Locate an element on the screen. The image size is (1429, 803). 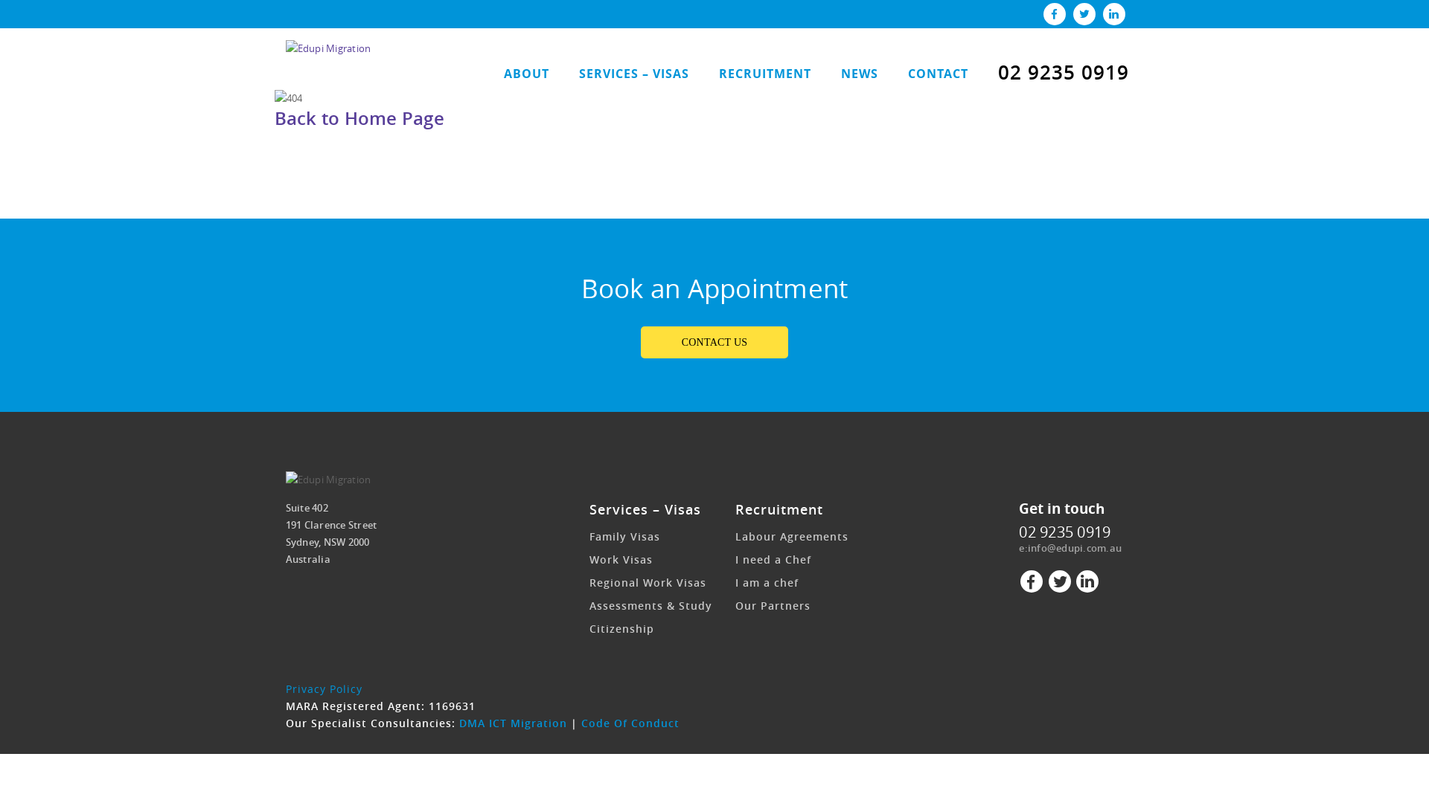
'CONTACT' is located at coordinates (937, 75).